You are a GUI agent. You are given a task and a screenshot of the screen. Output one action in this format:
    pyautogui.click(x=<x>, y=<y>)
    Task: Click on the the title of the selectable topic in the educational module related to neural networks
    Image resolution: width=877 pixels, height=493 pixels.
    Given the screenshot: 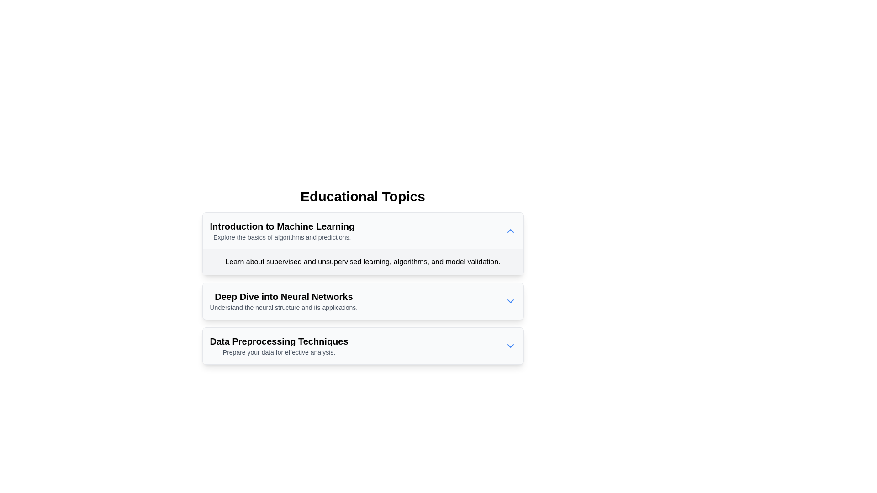 What is the action you would take?
    pyautogui.click(x=283, y=301)
    